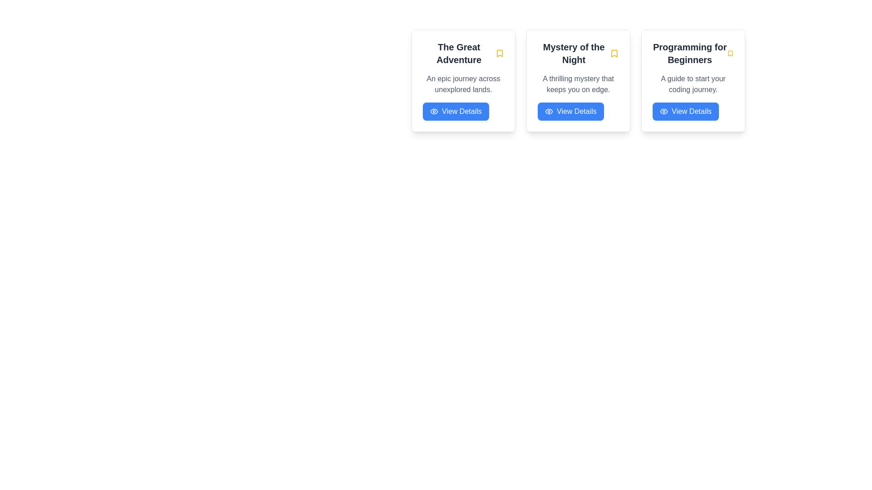 The image size is (872, 490). I want to click on the circular eye icon located inside the blue 'View Details' button on the second card in the horizontal card layout, so click(549, 111).